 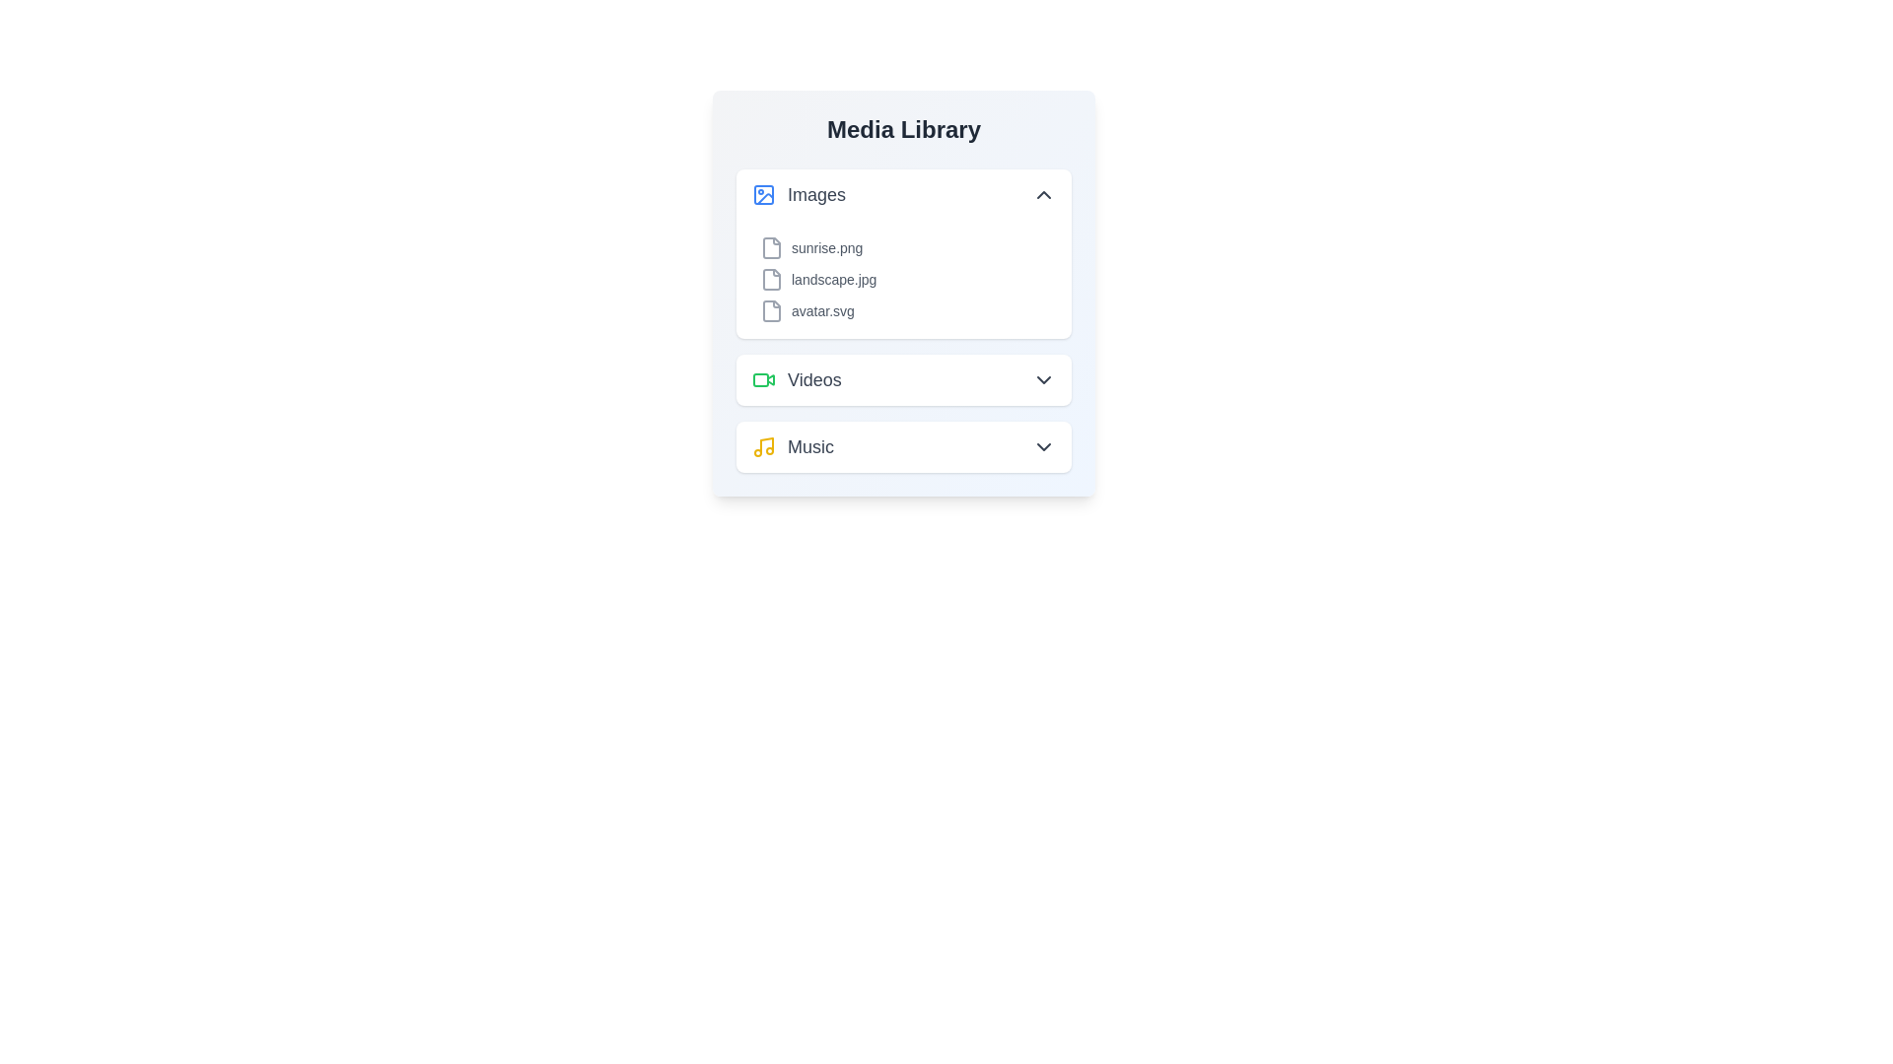 What do you see at coordinates (1043, 379) in the screenshot?
I see `the dropdown toggle button for the 'Videos' section in the 'Media Library' card` at bounding box center [1043, 379].